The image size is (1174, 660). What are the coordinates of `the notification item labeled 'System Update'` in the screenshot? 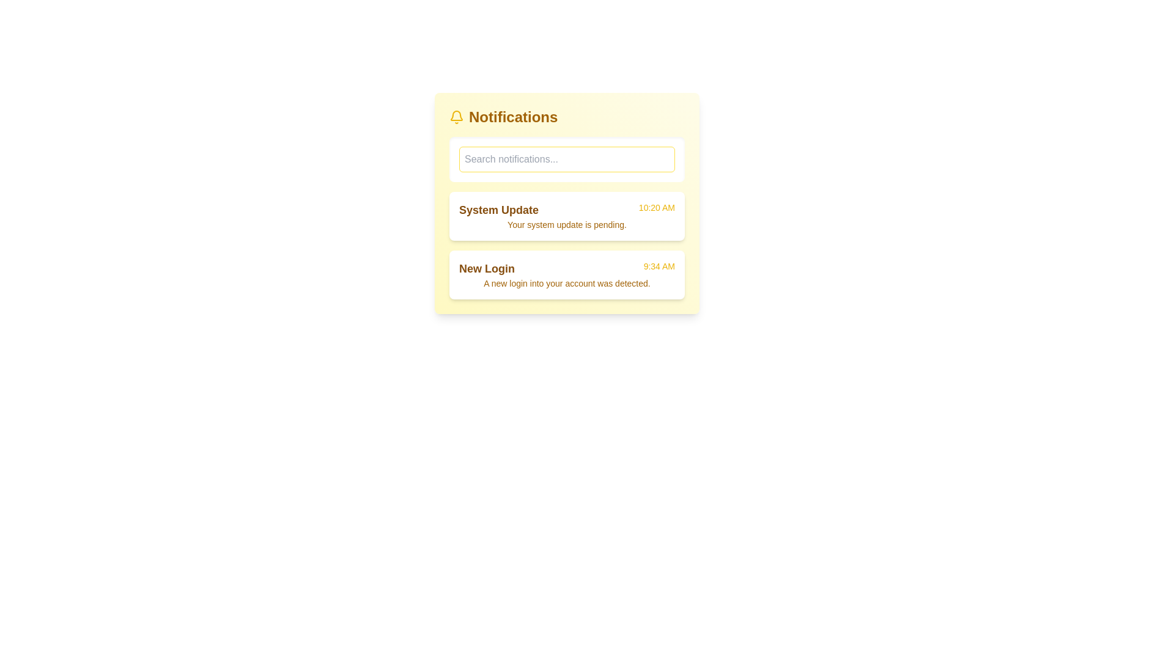 It's located at (566, 216).